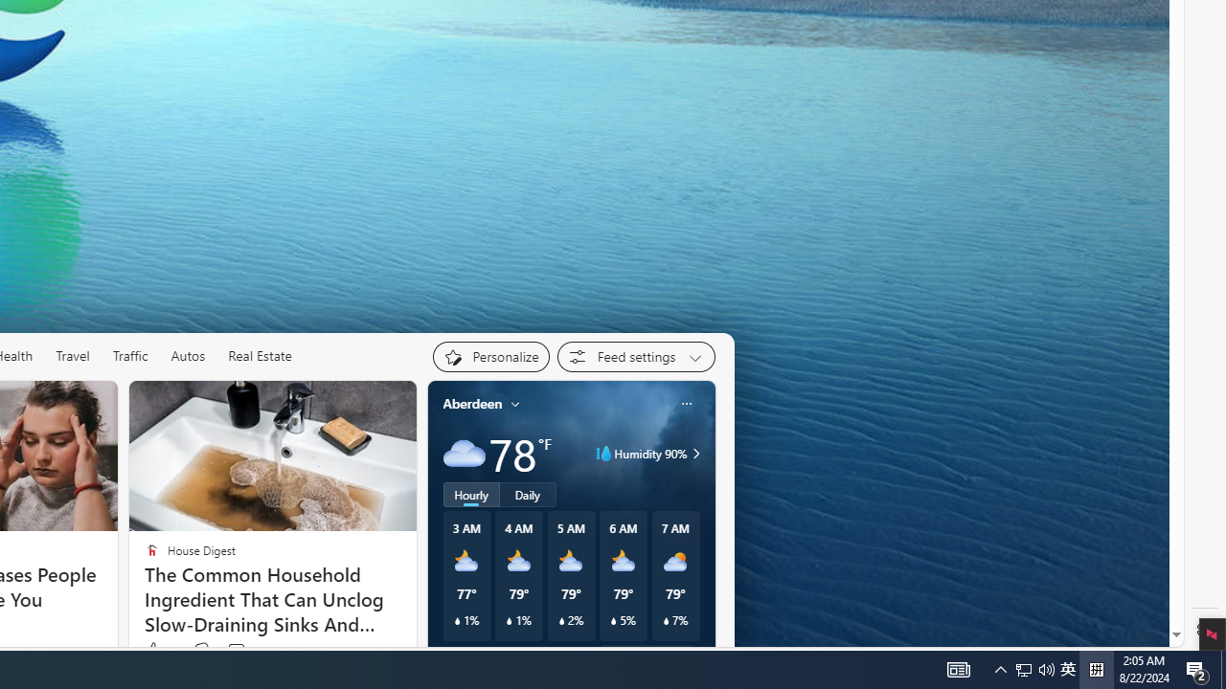 Image resolution: width=1226 pixels, height=689 pixels. I want to click on 'Cloudy', so click(464, 454).